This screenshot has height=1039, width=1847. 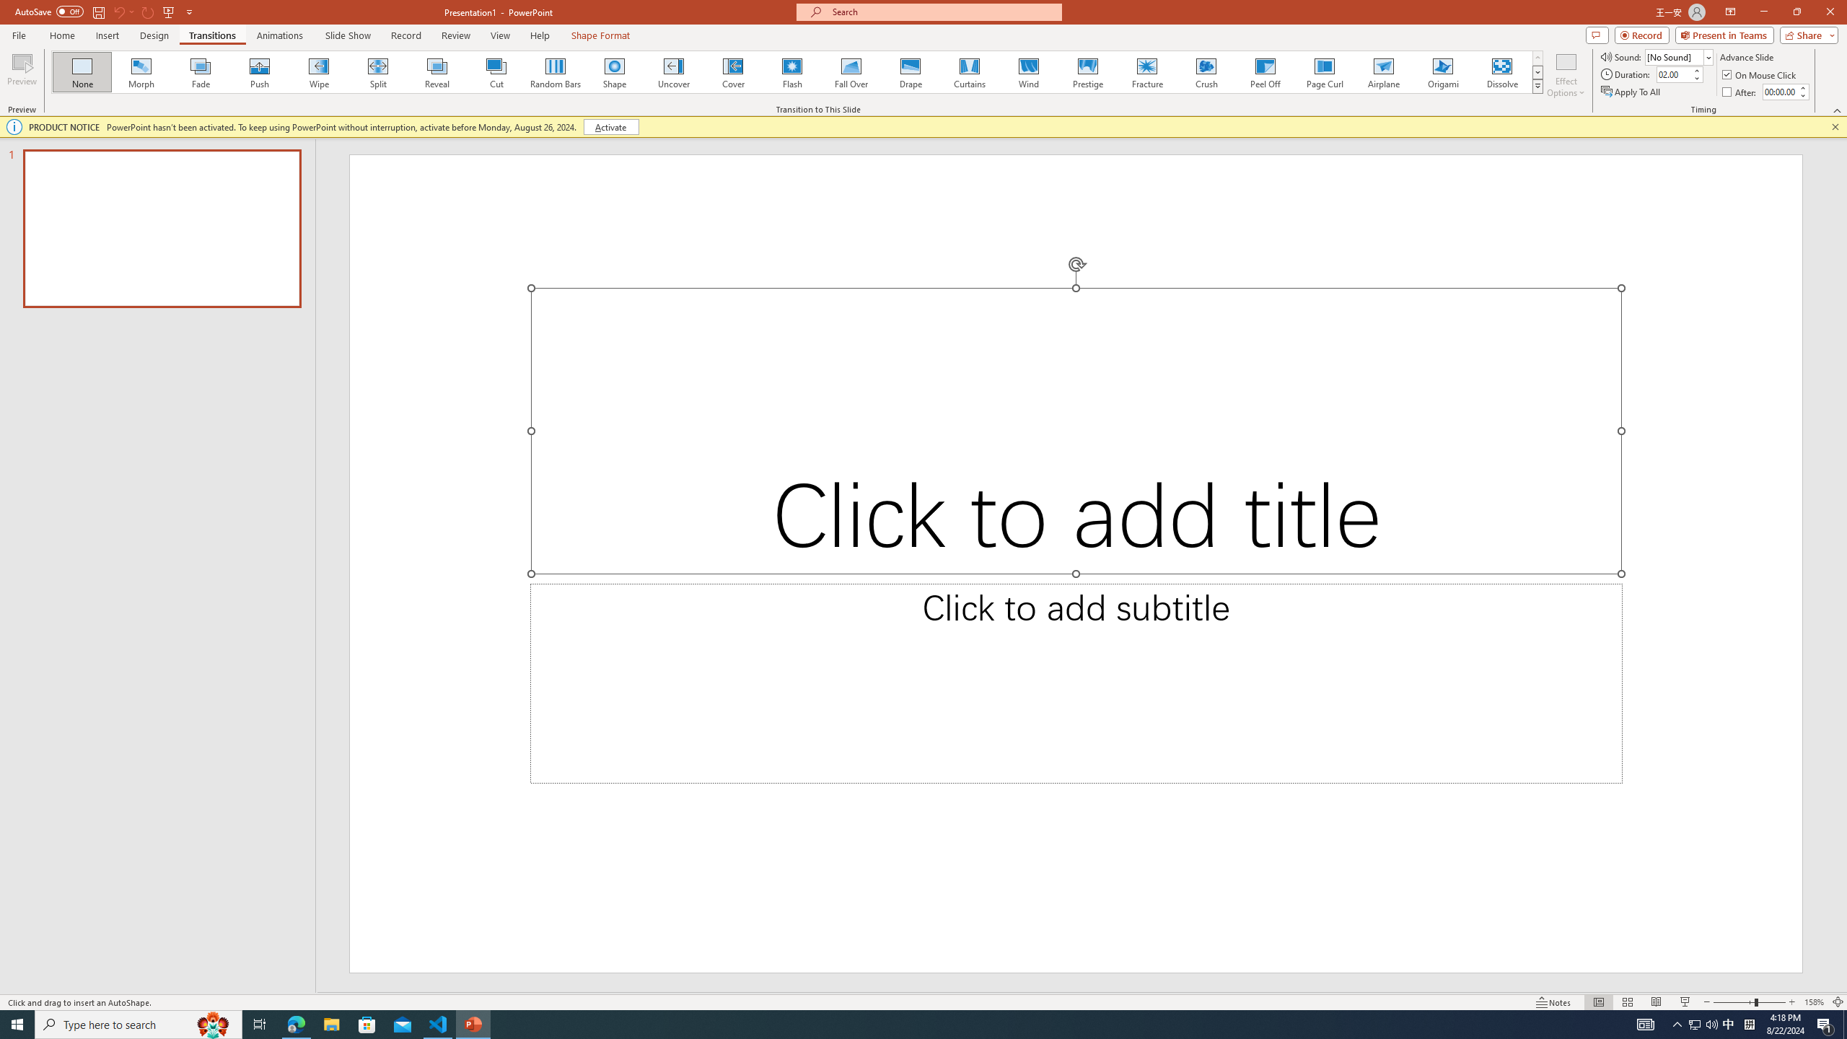 I want to click on 'After', so click(x=1779, y=91).